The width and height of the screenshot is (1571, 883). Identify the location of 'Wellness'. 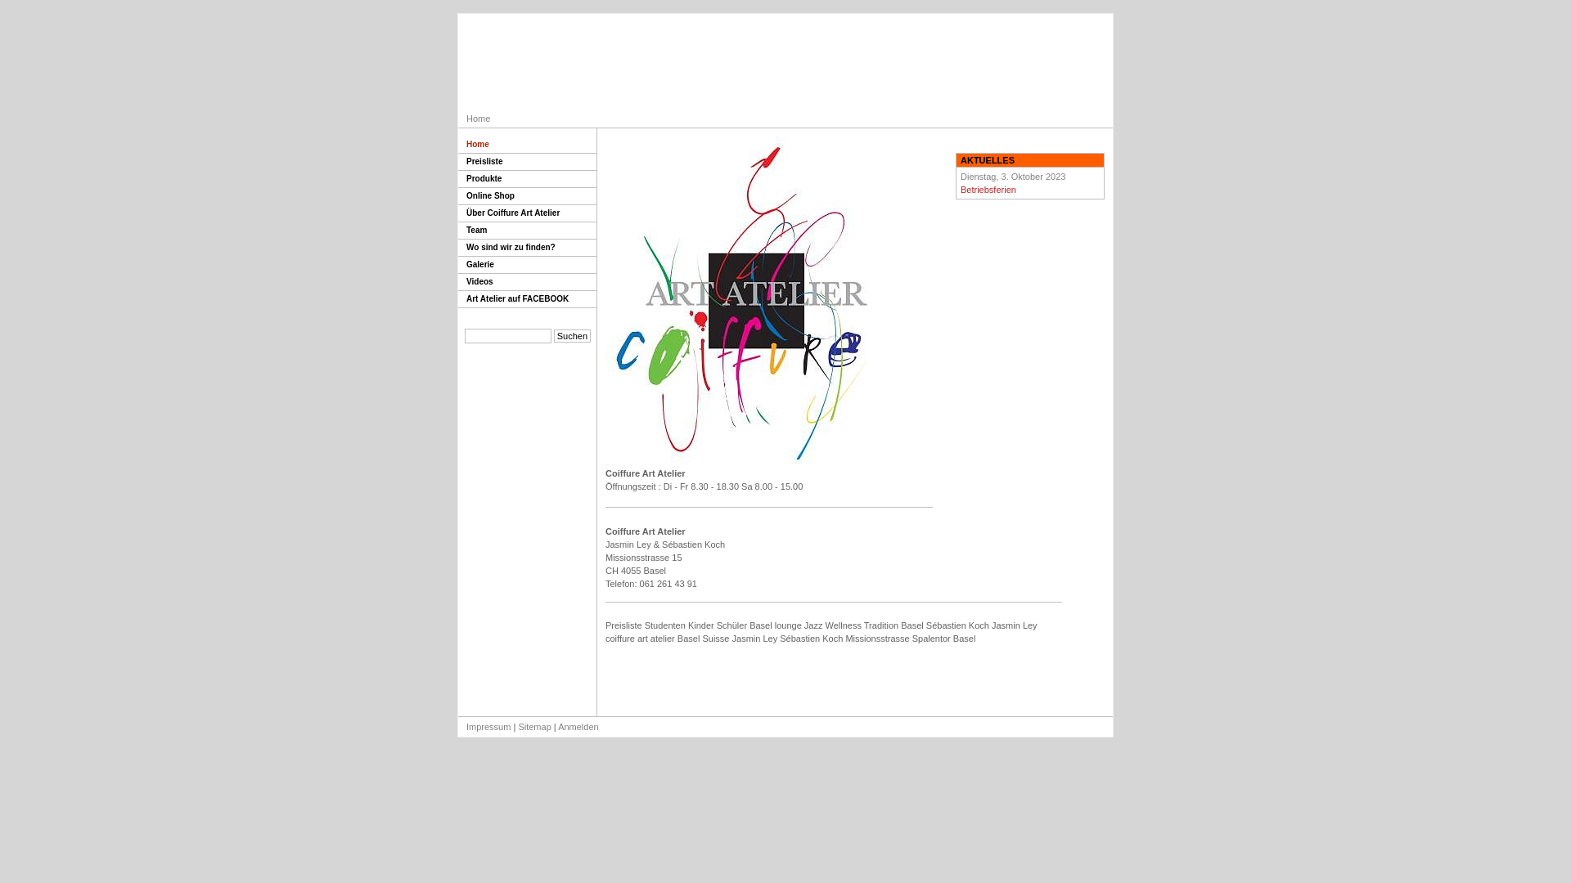
(844, 625).